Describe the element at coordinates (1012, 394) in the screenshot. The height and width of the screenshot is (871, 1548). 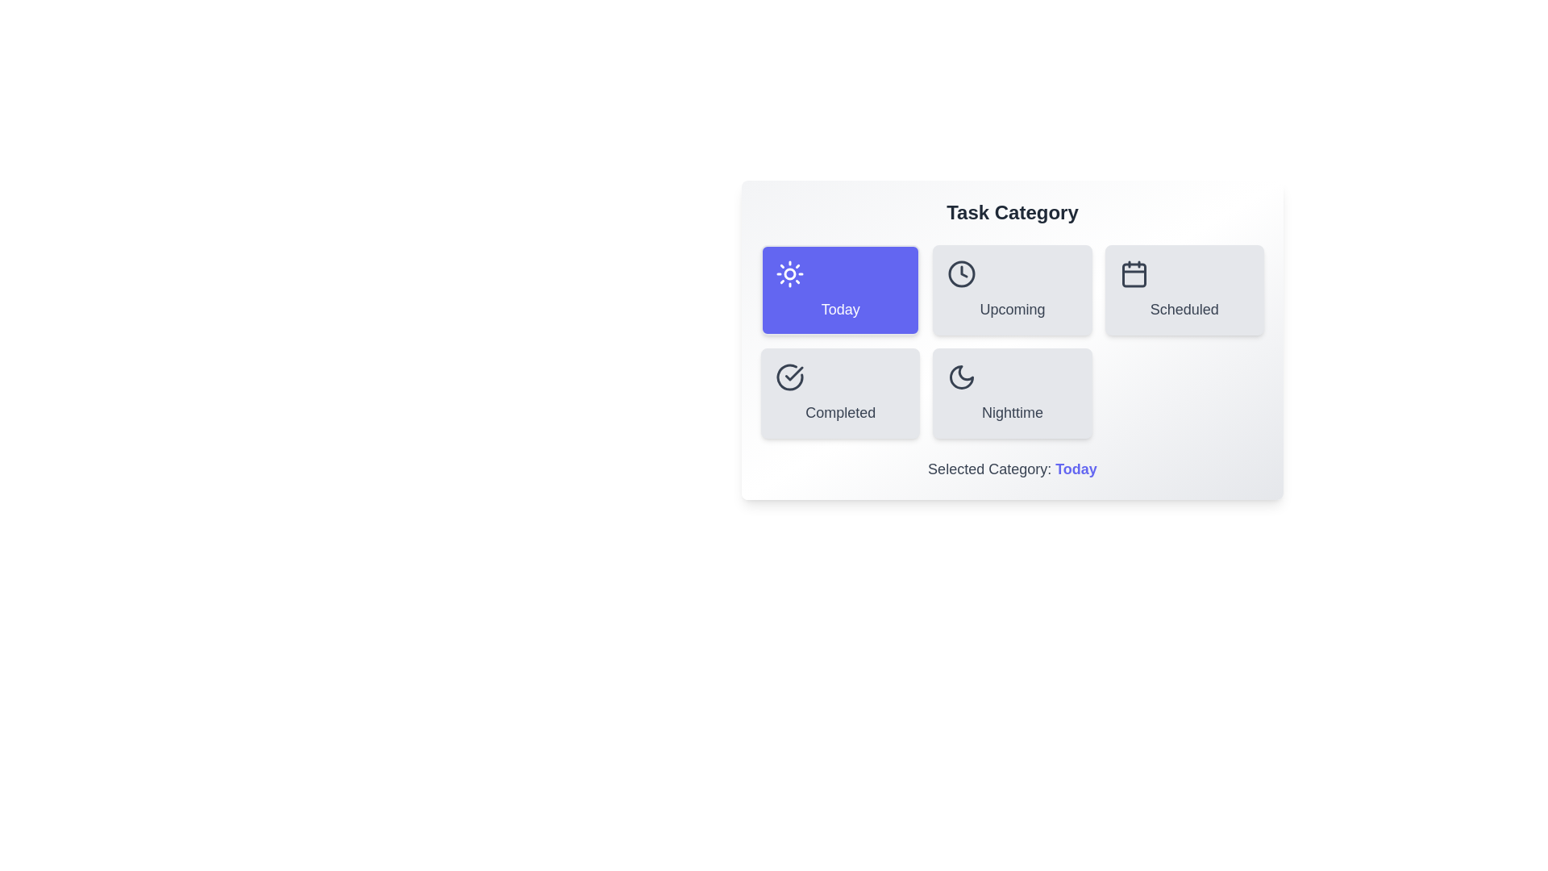
I see `the category button labeled 'Nighttime' to observe its hover effect` at that location.